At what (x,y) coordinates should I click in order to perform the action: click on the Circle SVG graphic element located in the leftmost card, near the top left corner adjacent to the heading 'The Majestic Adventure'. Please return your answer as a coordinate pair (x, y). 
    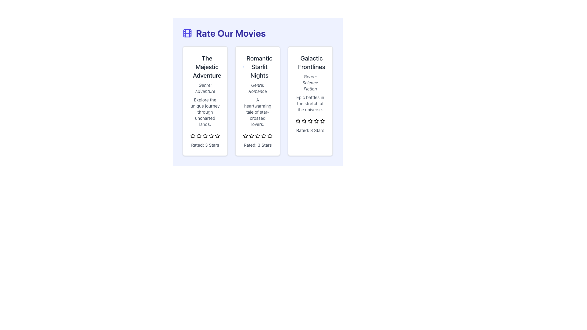
    Looking at the image, I should click on (194, 67).